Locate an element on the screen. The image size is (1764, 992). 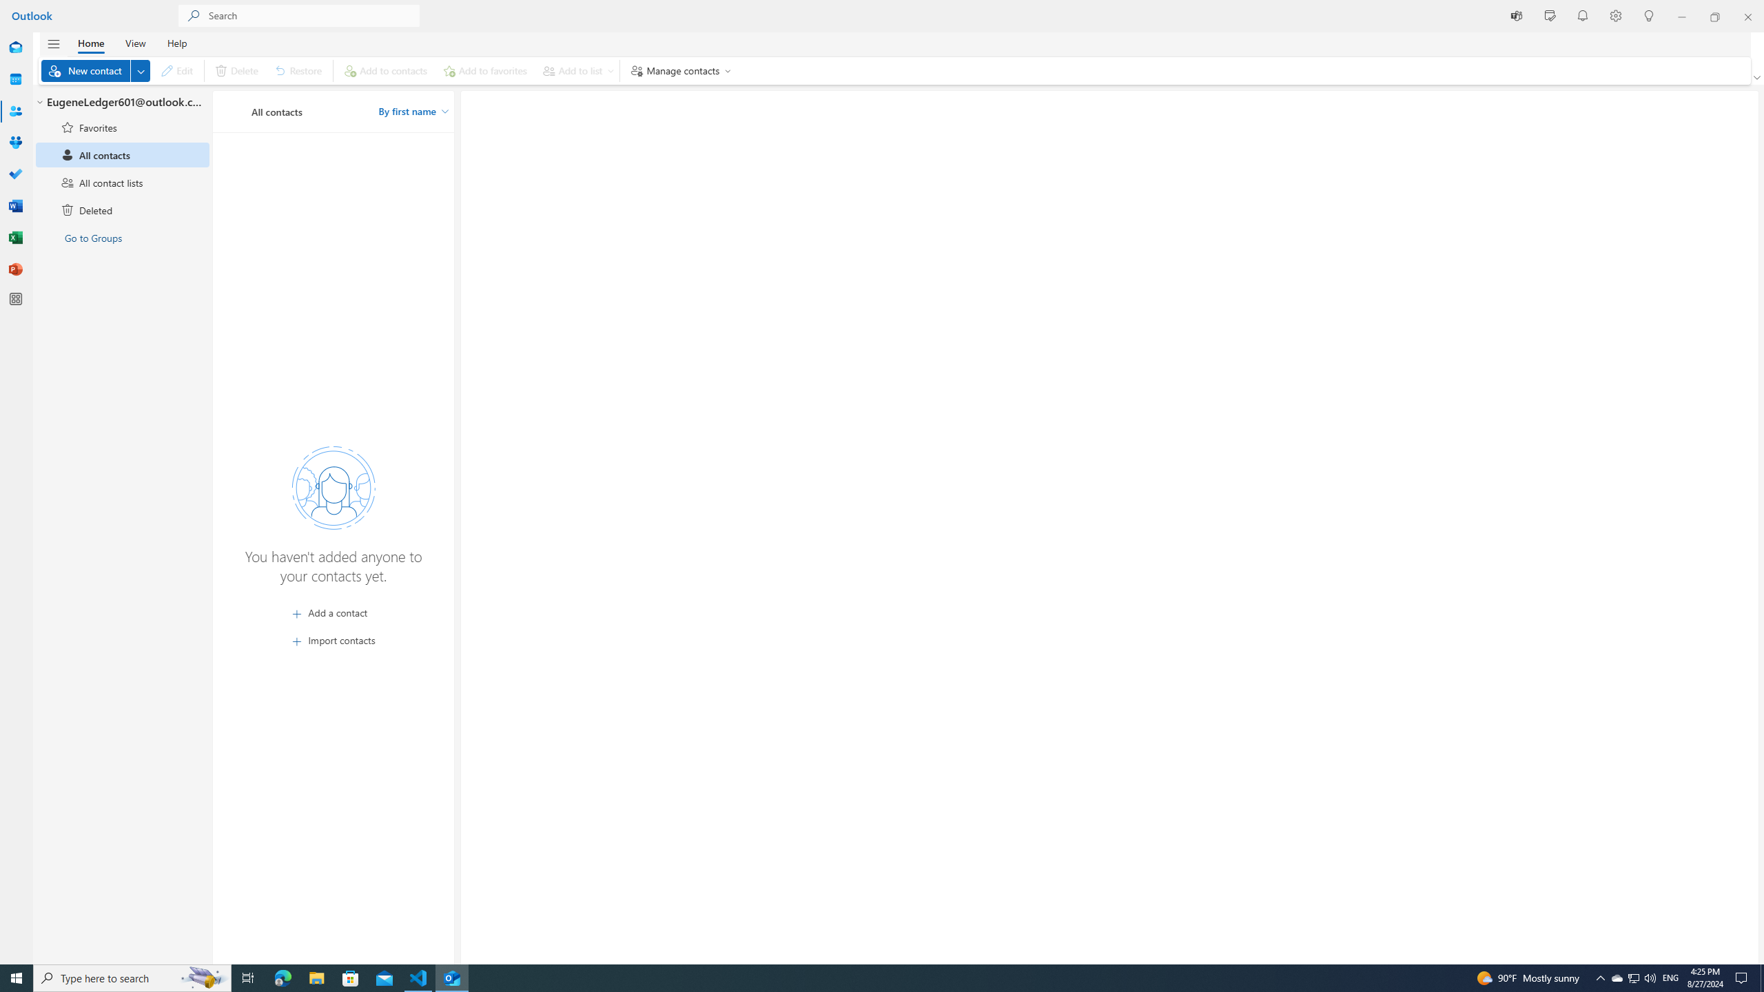
'Add to contacts' is located at coordinates (385, 70).